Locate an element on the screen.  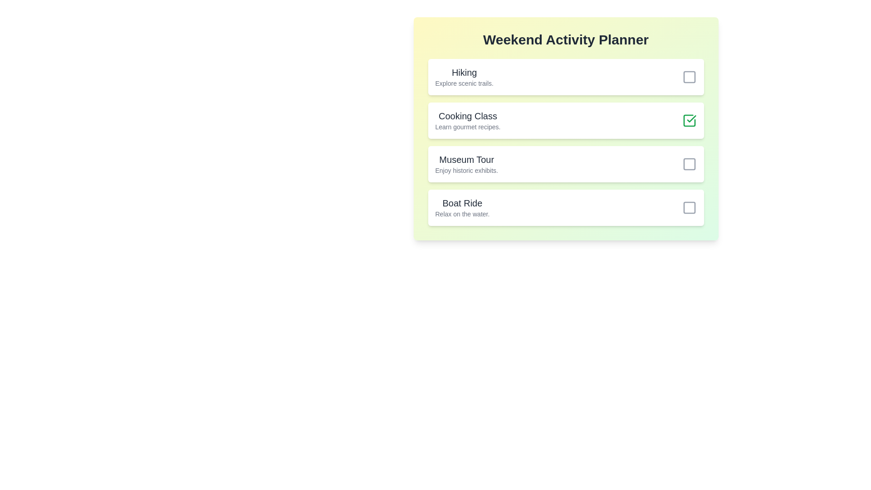
the activity 'Museum Tour' is located at coordinates (689, 164).